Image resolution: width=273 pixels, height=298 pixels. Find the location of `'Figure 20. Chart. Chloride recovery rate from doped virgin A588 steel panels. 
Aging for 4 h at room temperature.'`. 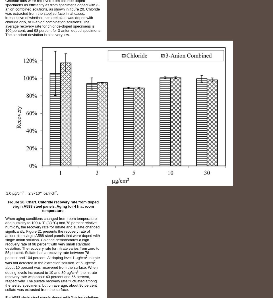

'Figure 20. Chart. Chloride recovery rate from doped virgin A588 steel panels. 
Aging for 4 h at room temperature.' is located at coordinates (53, 206).